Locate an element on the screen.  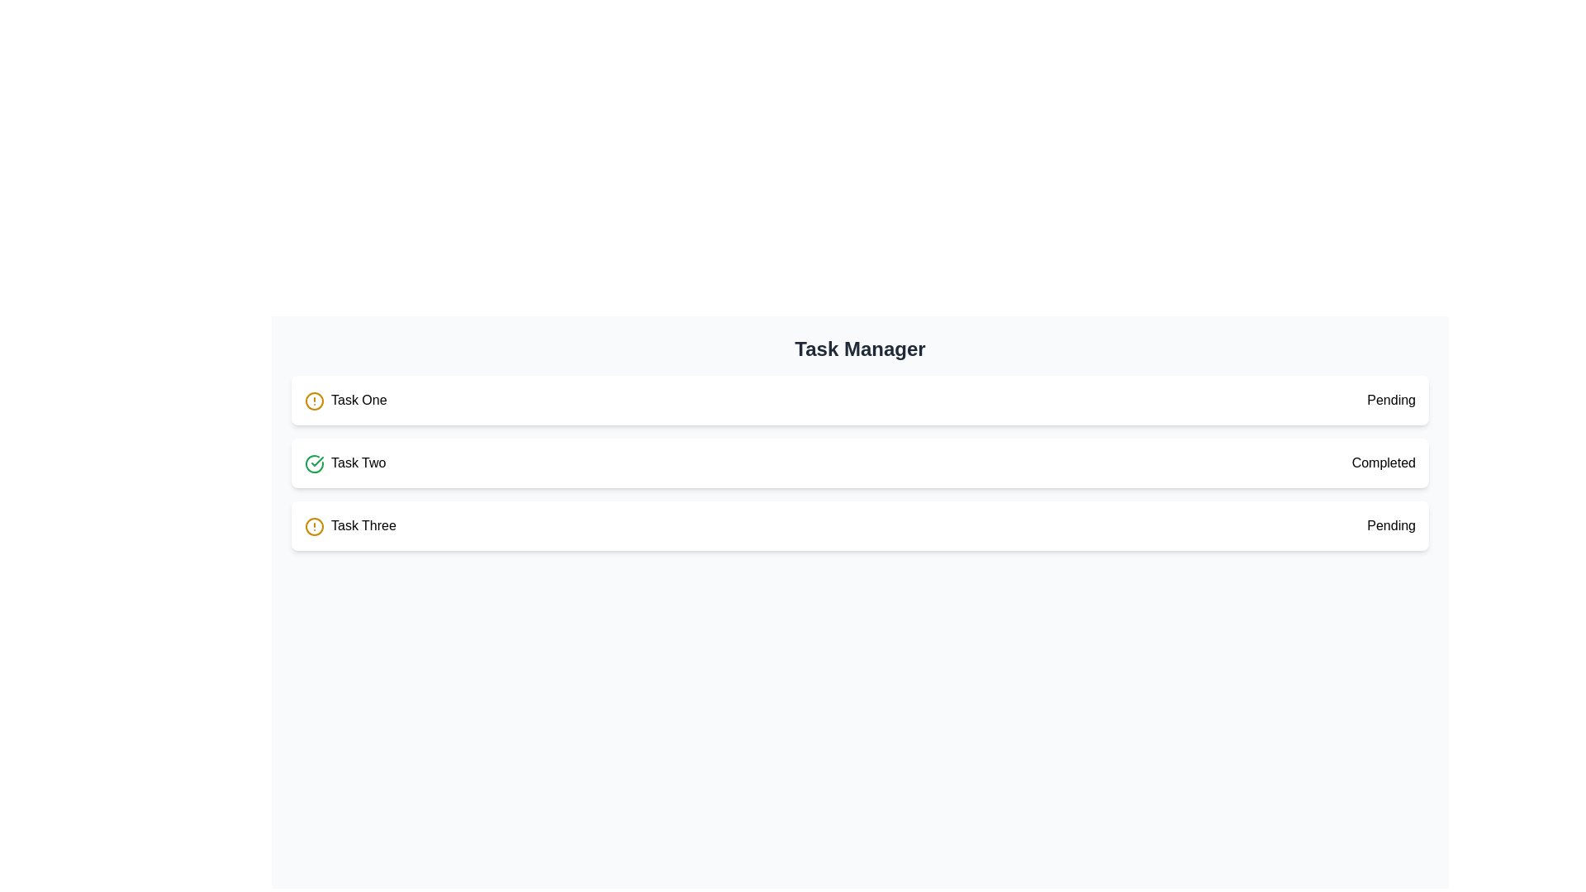
the text label in the second row of the task manager, which is positioned to the right of a green checkmark icon and between 'Task One' and 'Task Three' is located at coordinates (358, 463).